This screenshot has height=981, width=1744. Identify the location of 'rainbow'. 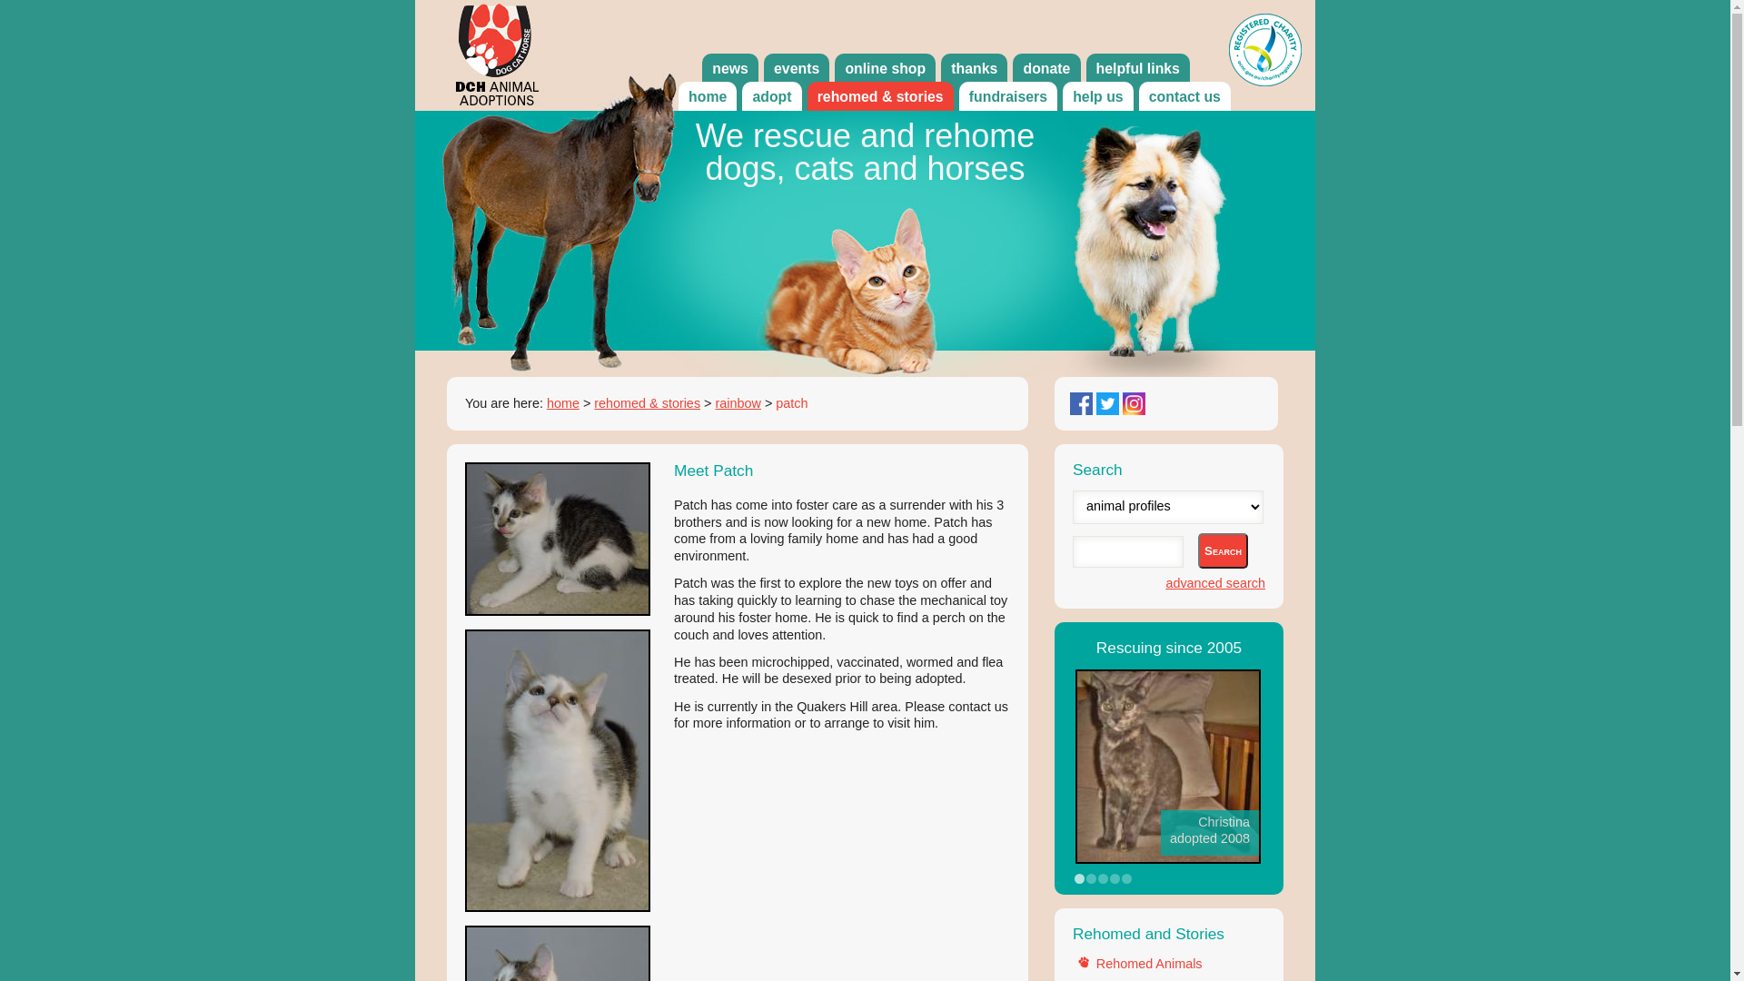
(714, 401).